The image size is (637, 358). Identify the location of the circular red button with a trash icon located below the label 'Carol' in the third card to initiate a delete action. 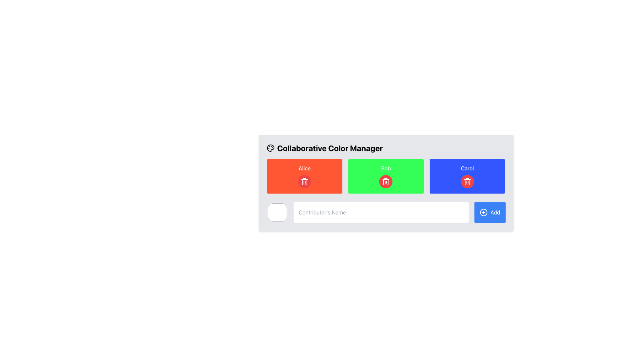
(467, 181).